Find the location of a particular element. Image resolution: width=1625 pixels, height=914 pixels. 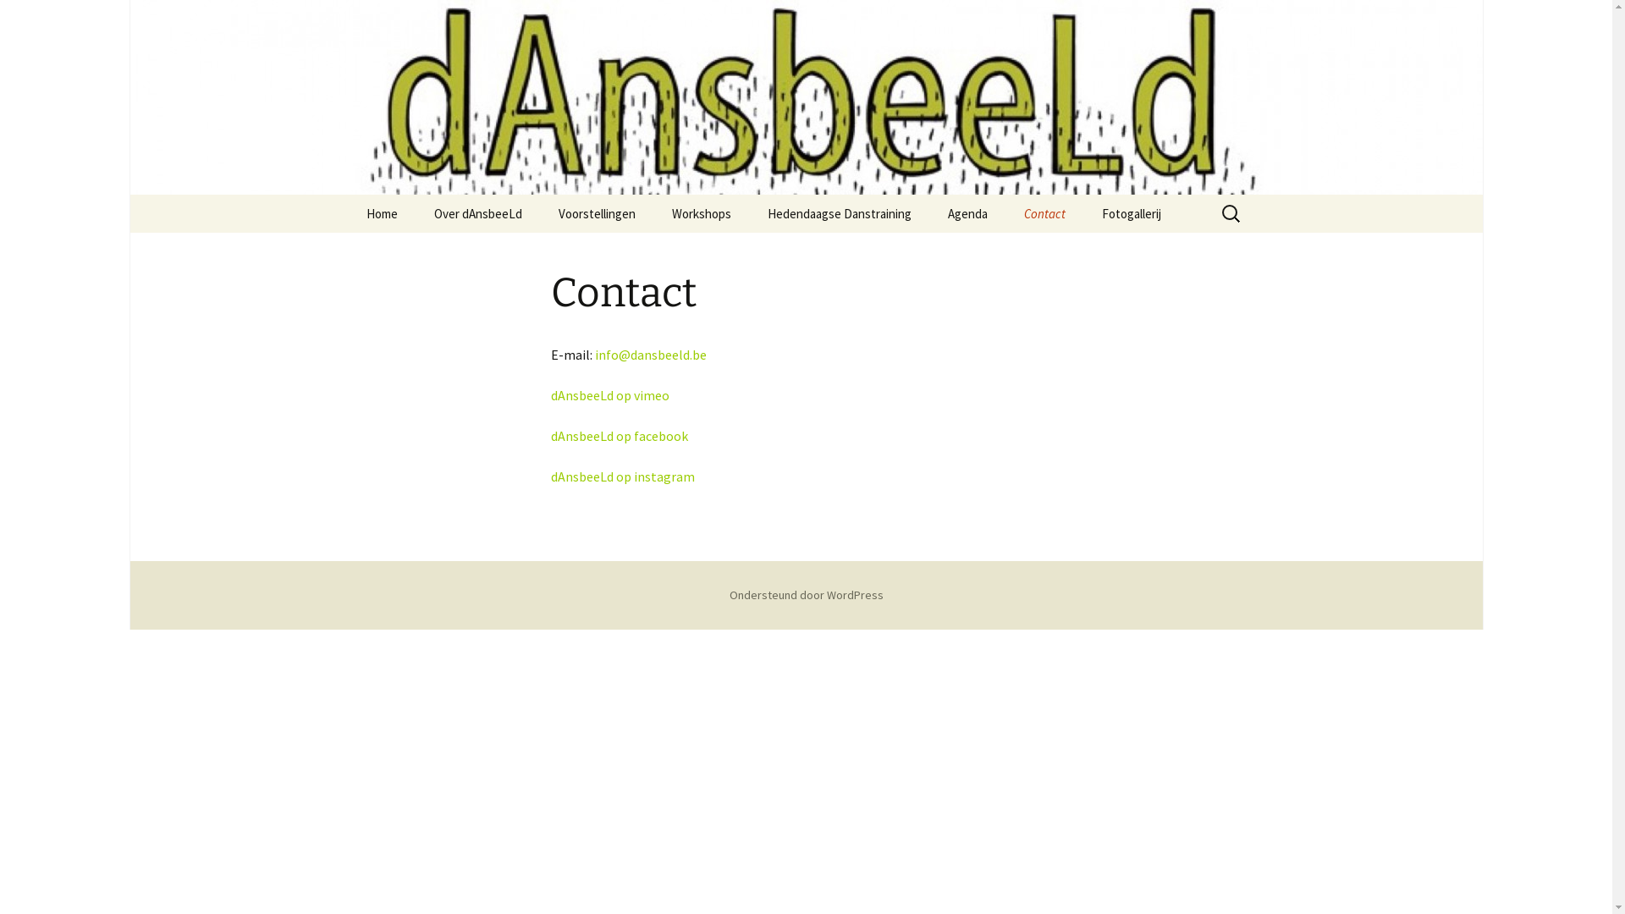

'Ondersteund door WordPress' is located at coordinates (806, 593).